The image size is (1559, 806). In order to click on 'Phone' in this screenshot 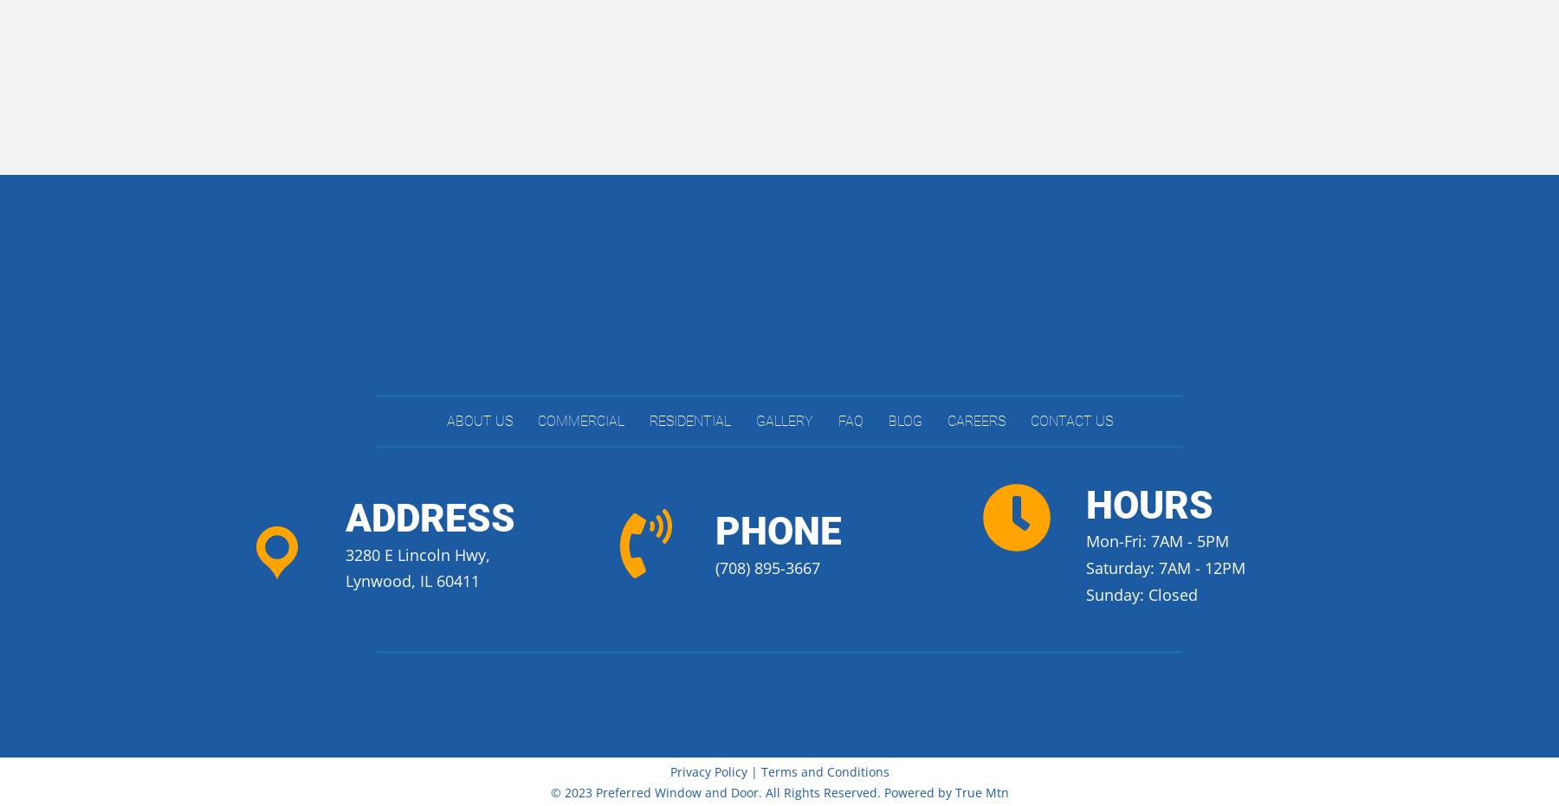, I will do `click(778, 531)`.